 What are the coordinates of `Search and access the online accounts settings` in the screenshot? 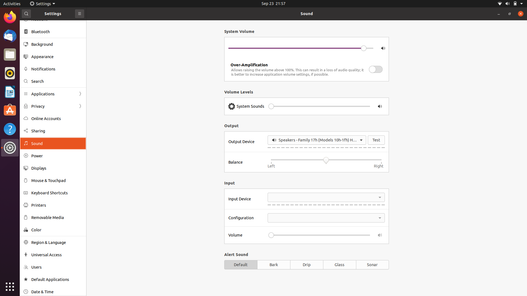 It's located at (52, 80).